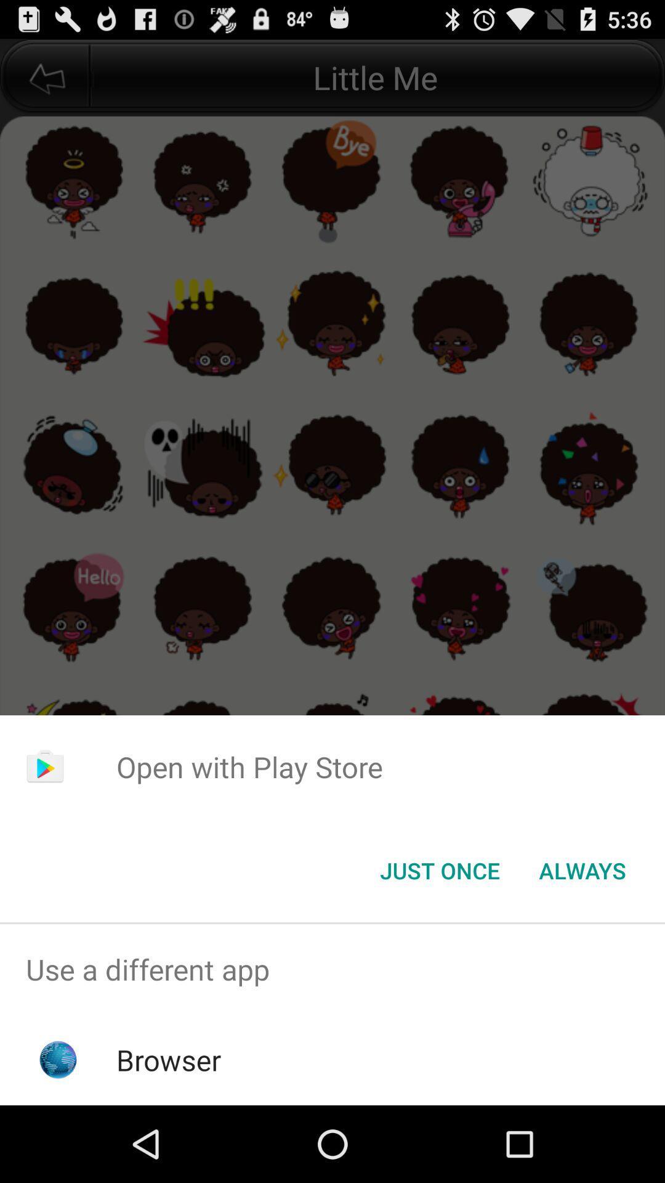 The width and height of the screenshot is (665, 1183). I want to click on the browser, so click(169, 1059).